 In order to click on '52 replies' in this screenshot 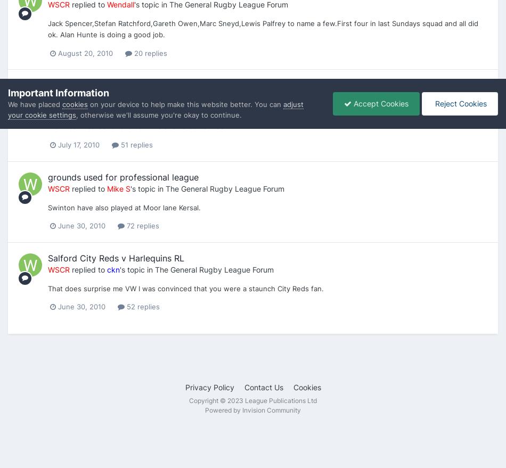, I will do `click(142, 306)`.